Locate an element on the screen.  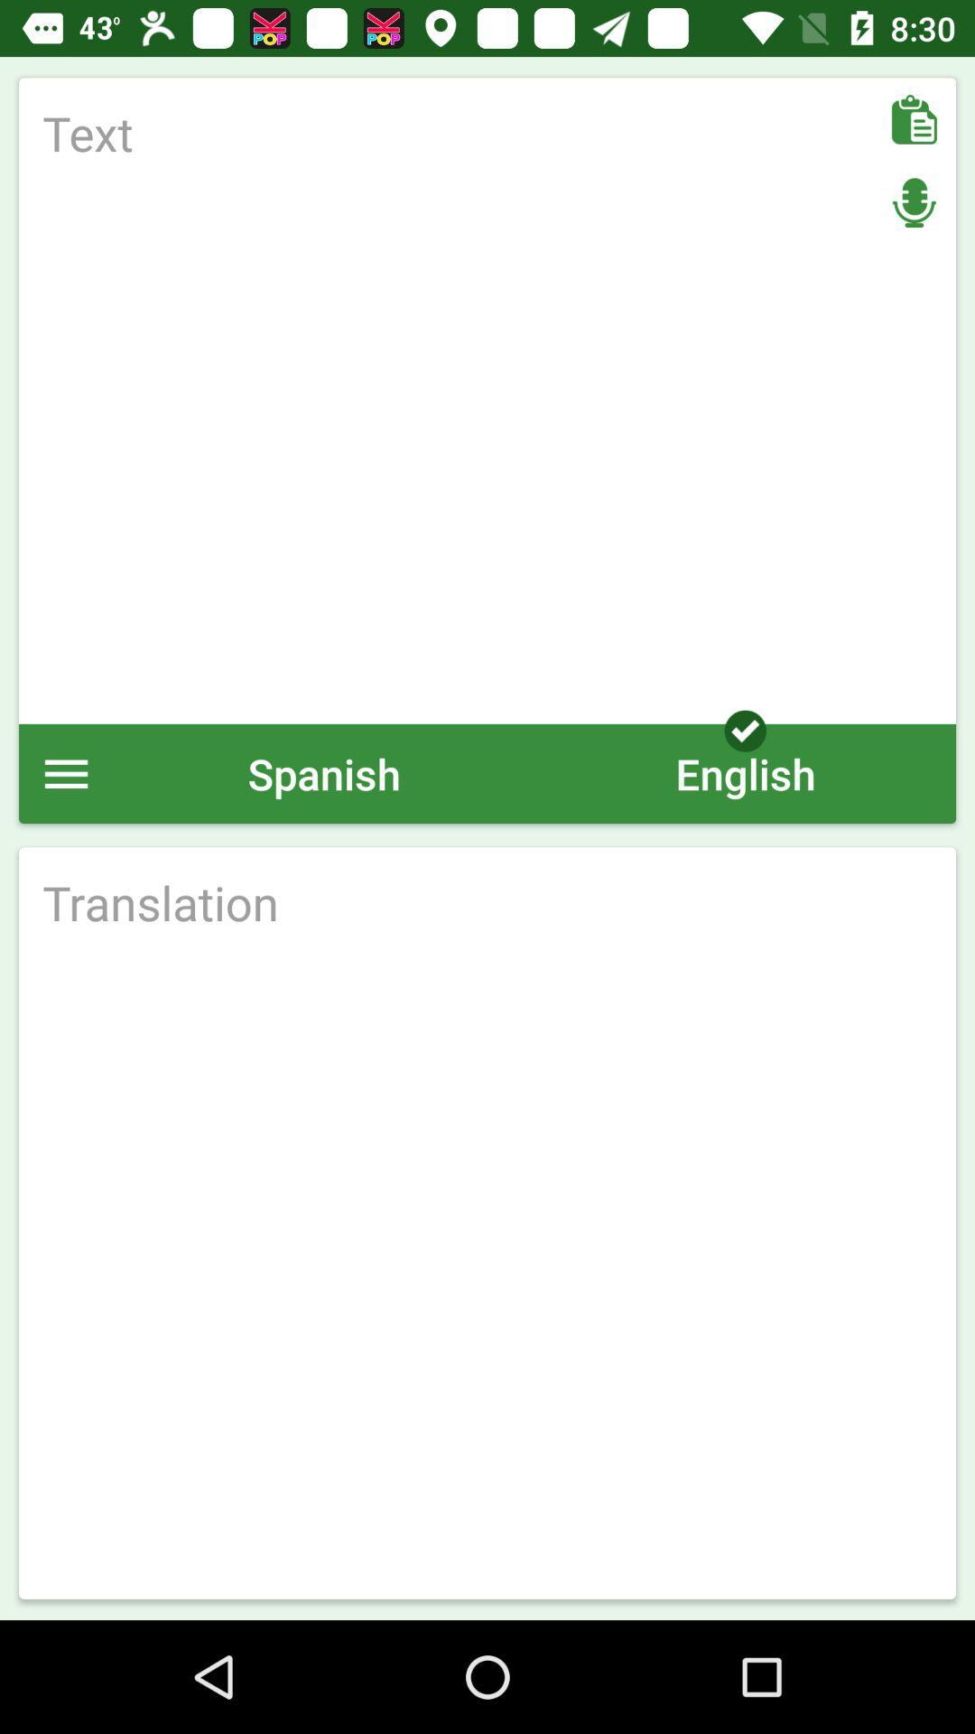
the item to the left of the english is located at coordinates (323, 773).